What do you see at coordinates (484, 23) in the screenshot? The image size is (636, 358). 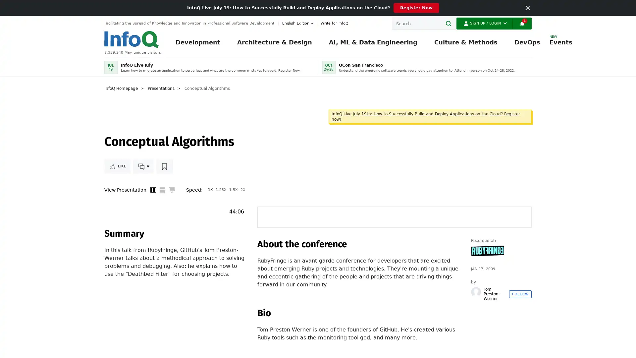 I see `Sign Up / Login` at bounding box center [484, 23].